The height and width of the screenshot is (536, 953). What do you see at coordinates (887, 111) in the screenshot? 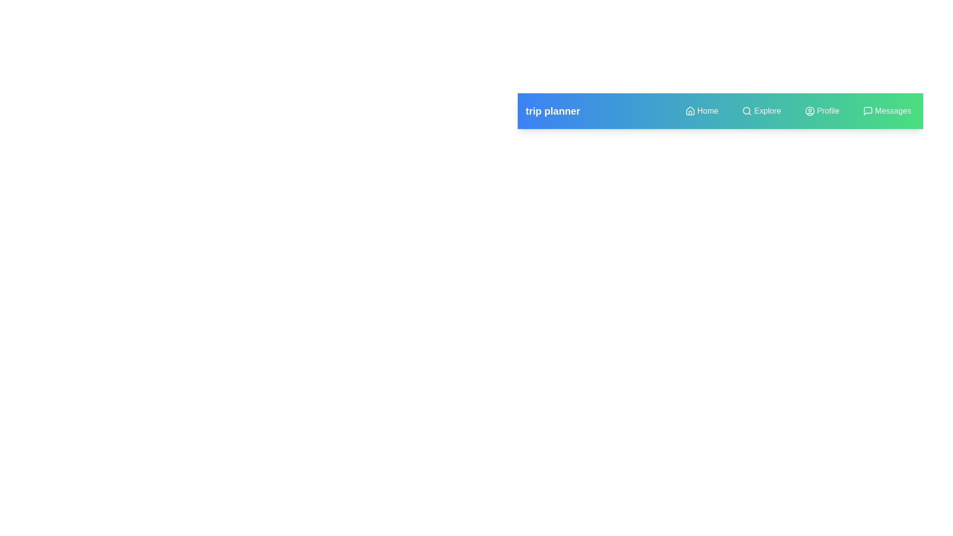
I see `the navigation menu item Messages to navigate to the respective section` at bounding box center [887, 111].